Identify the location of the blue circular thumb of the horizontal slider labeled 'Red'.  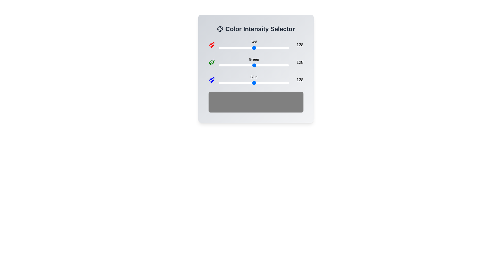
(254, 45).